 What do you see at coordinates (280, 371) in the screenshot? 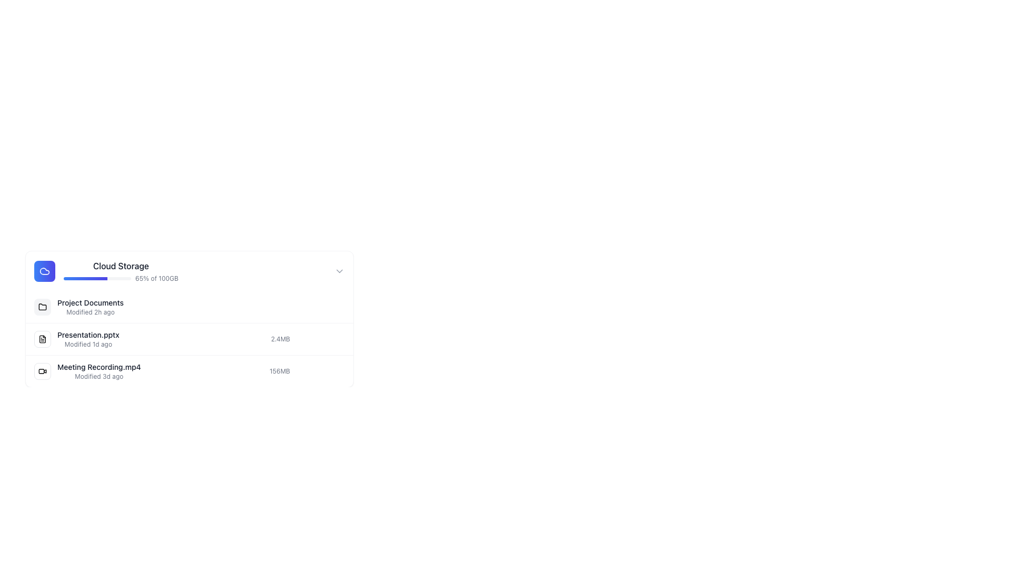
I see `the text label displaying the file size '156MB', which is styled in gray color and located beside the filename 'Meeting Recording.mp4' in the third row of the file list` at bounding box center [280, 371].